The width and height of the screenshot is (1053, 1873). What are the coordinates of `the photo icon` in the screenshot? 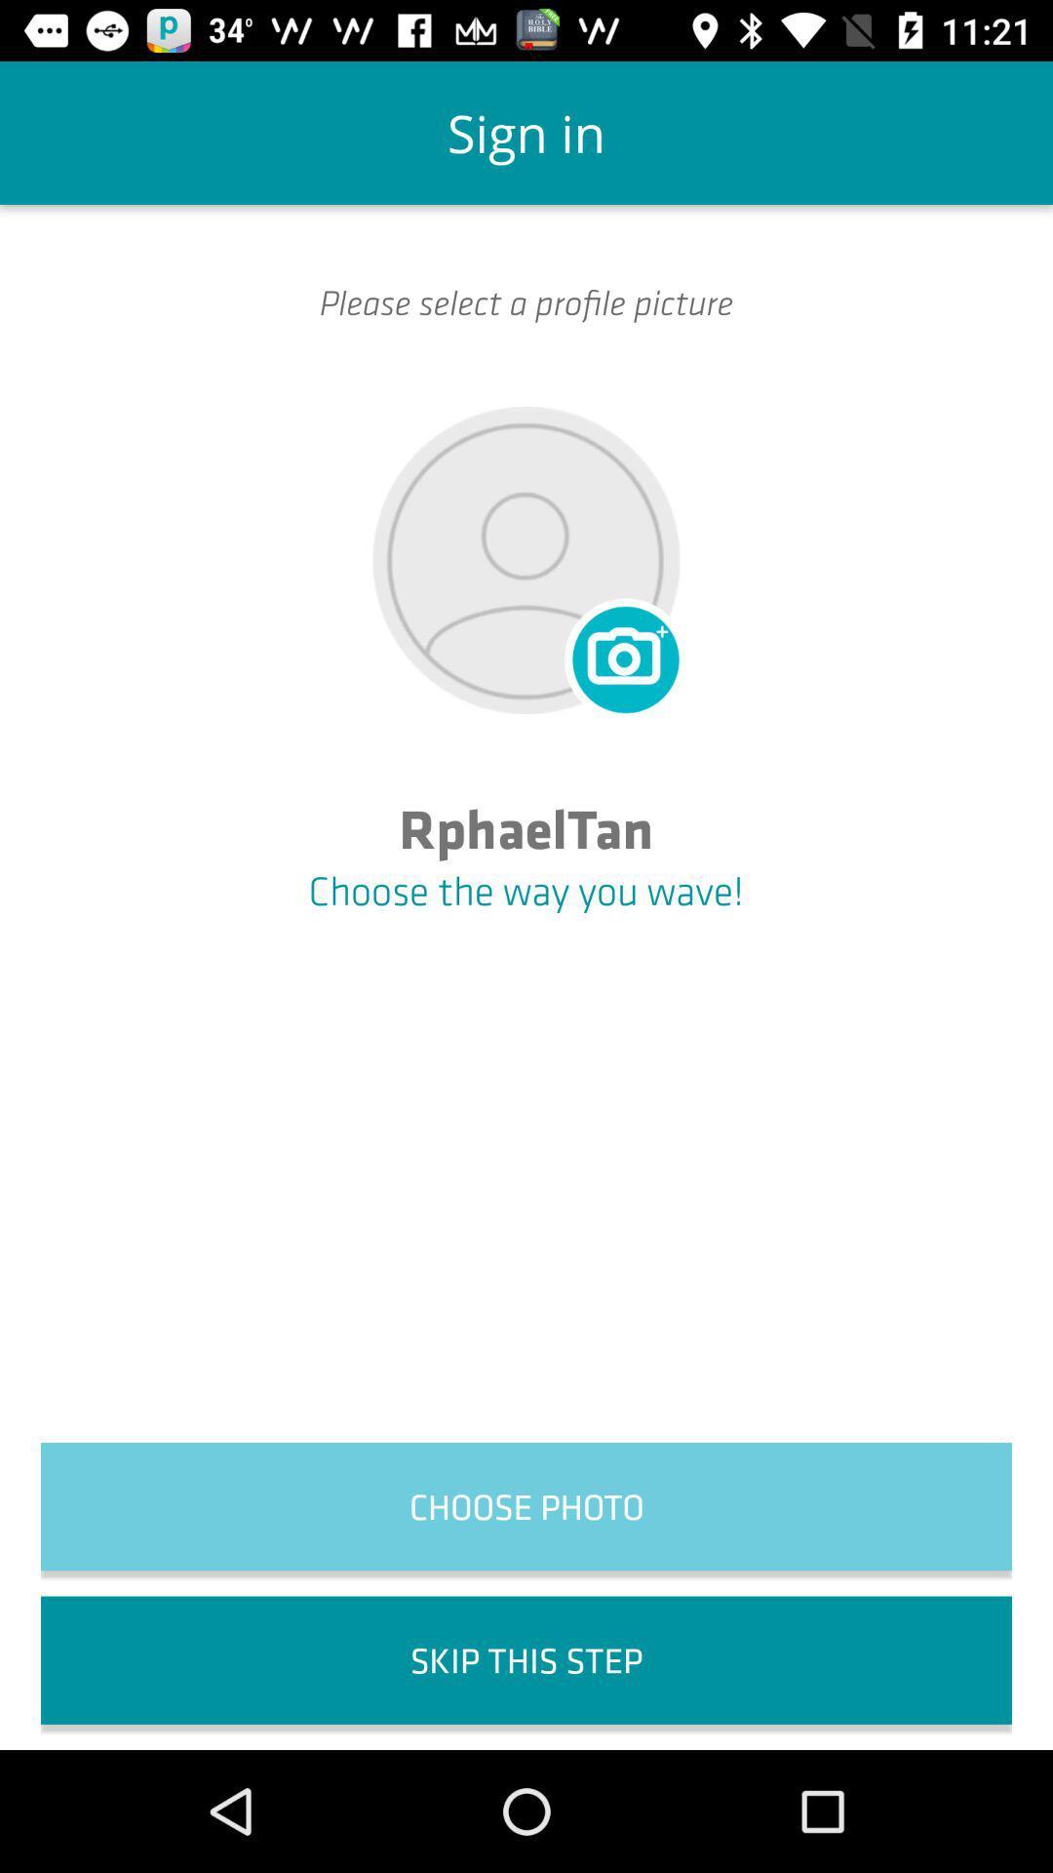 It's located at (622, 656).